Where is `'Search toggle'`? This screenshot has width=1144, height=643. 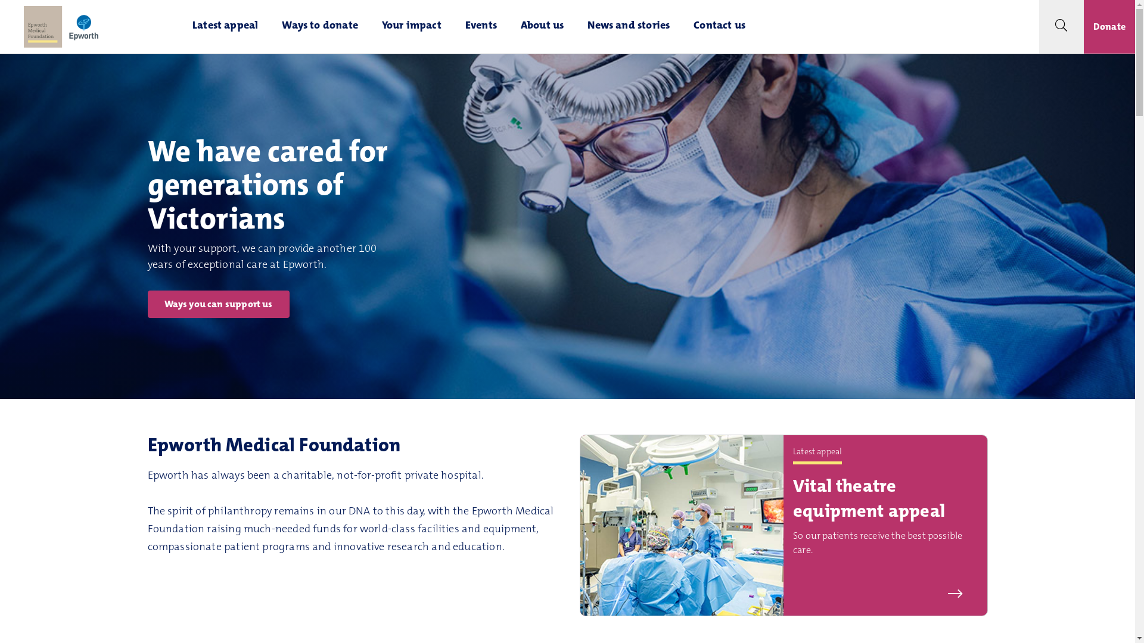
'Search toggle' is located at coordinates (1061, 27).